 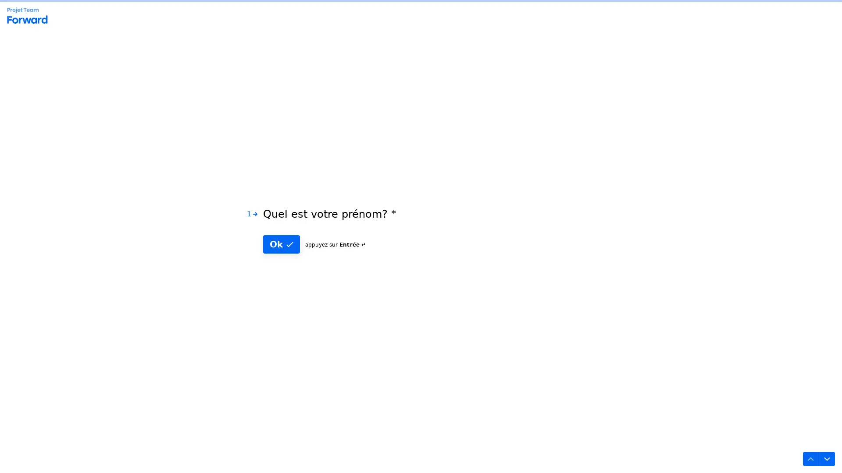 I want to click on Ok, so click(x=282, y=256).